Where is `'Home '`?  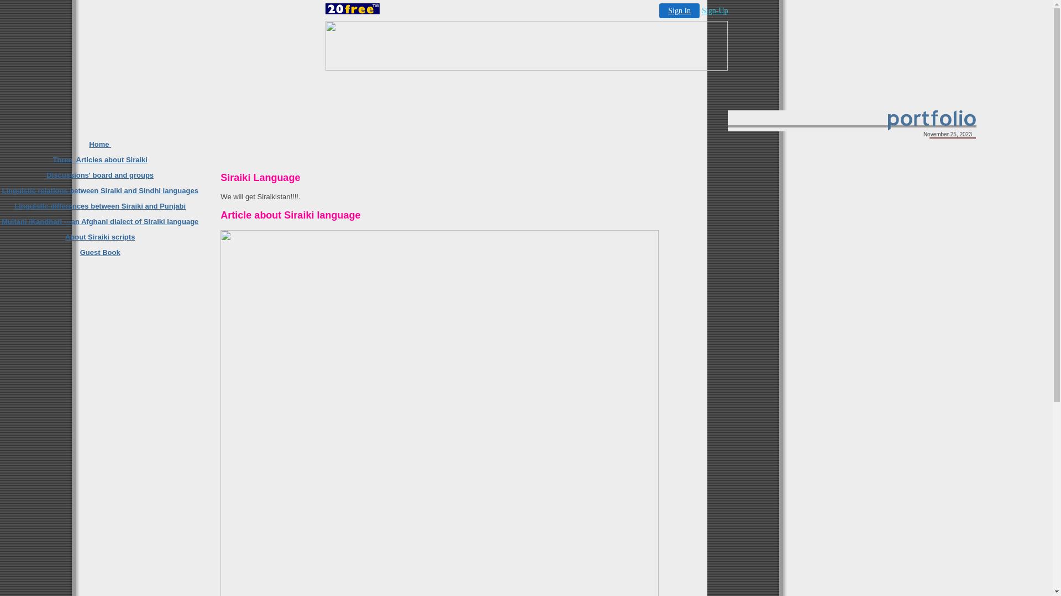 'Home ' is located at coordinates (100, 143).